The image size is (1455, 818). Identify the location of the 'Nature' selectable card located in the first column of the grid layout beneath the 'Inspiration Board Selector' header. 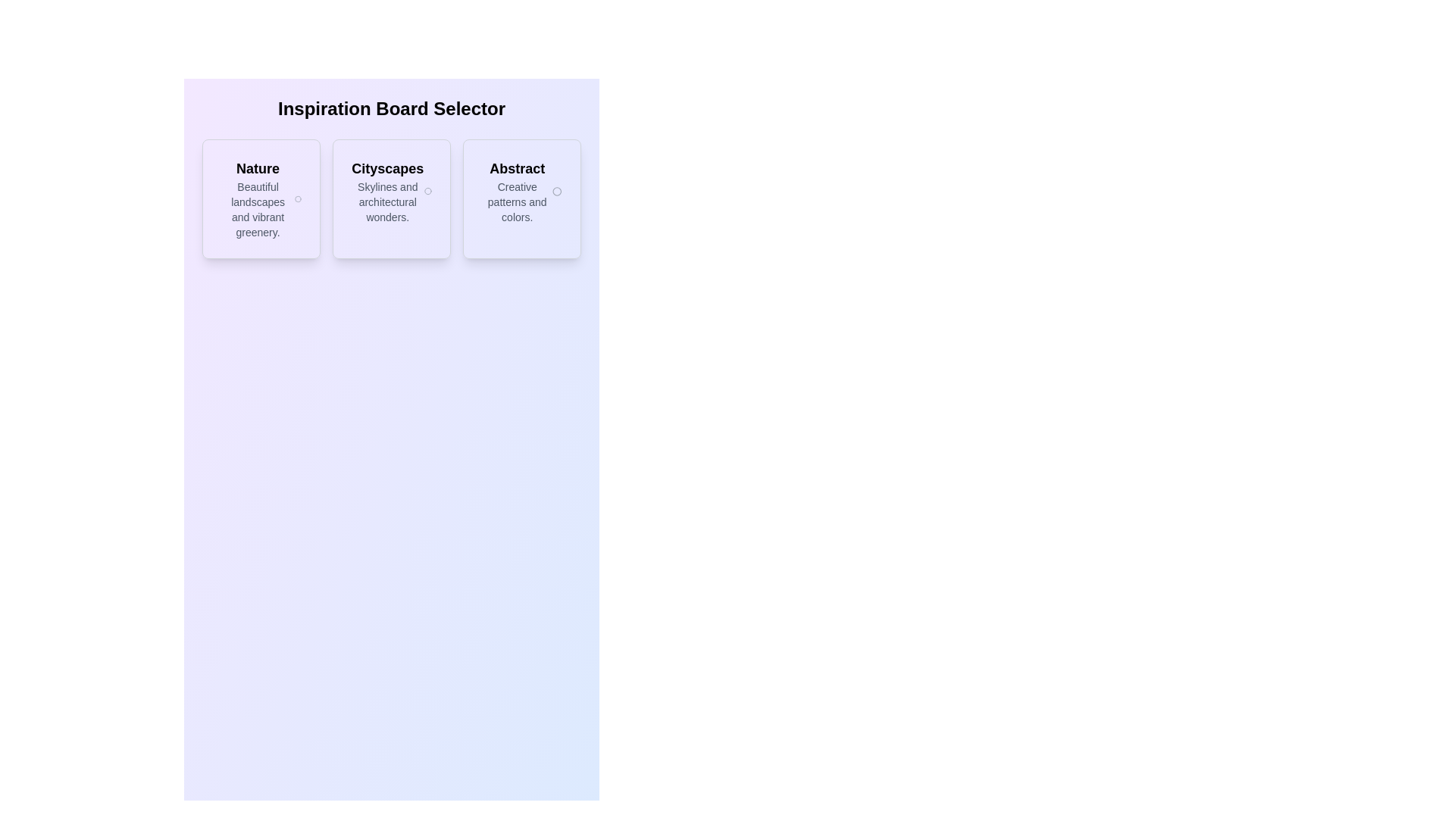
(261, 198).